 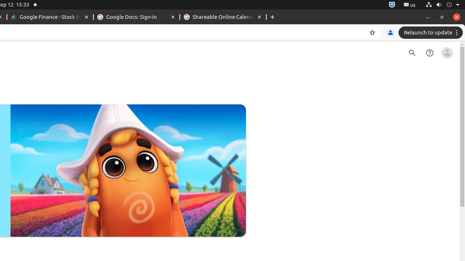 What do you see at coordinates (272, 17) in the screenshot?
I see `'New Tab'` at bounding box center [272, 17].